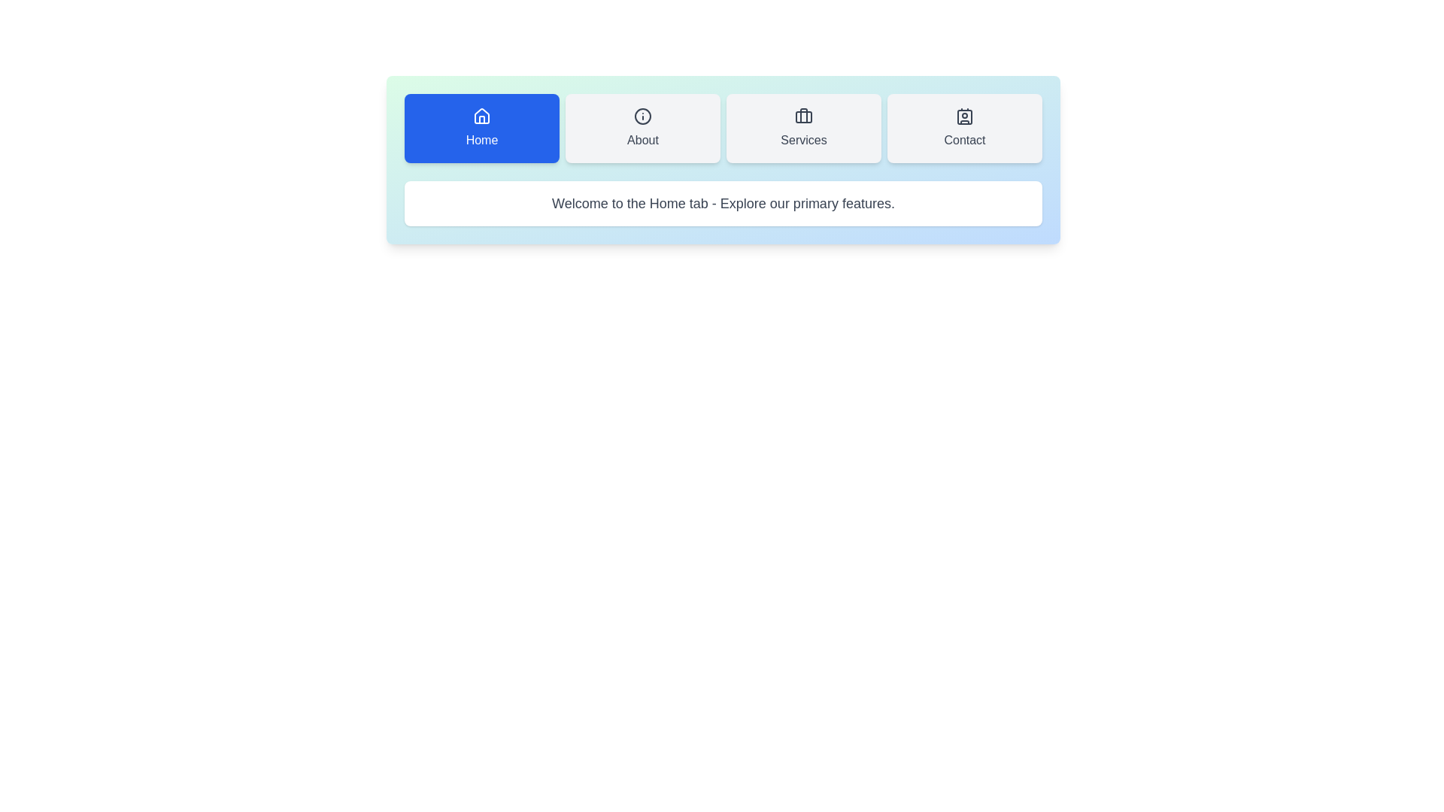 This screenshot has height=812, width=1444. I want to click on the 'Home' navigation button icon located at the top-left of the navigation menu, so click(482, 115).